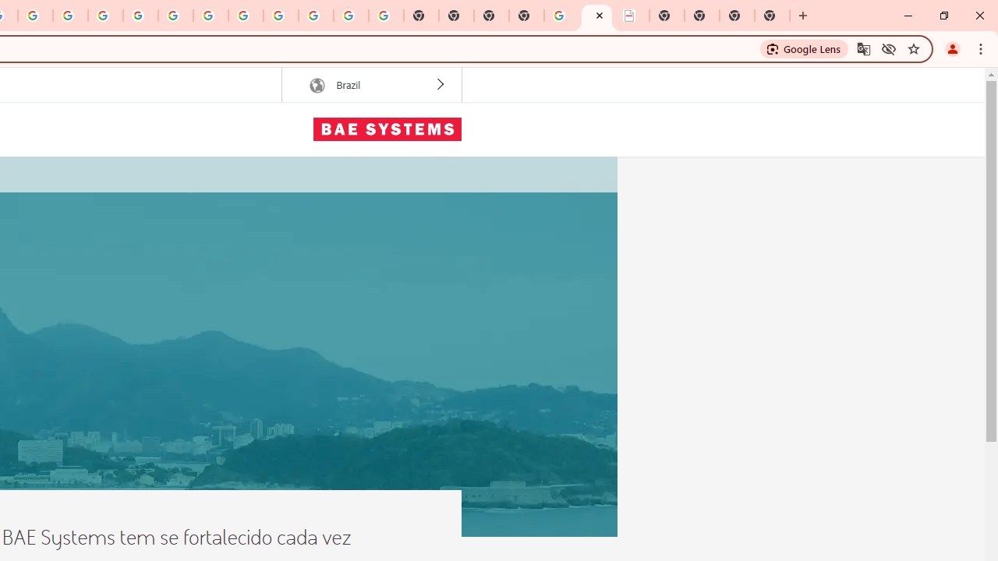  Describe the element at coordinates (386, 16) in the screenshot. I see `'Google Images'` at that location.